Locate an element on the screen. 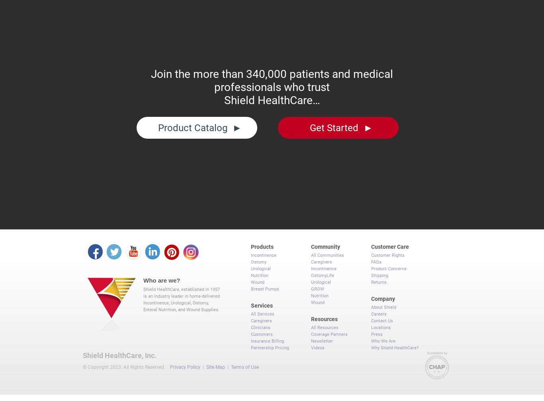  'Customer Rights' is located at coordinates (371, 251).